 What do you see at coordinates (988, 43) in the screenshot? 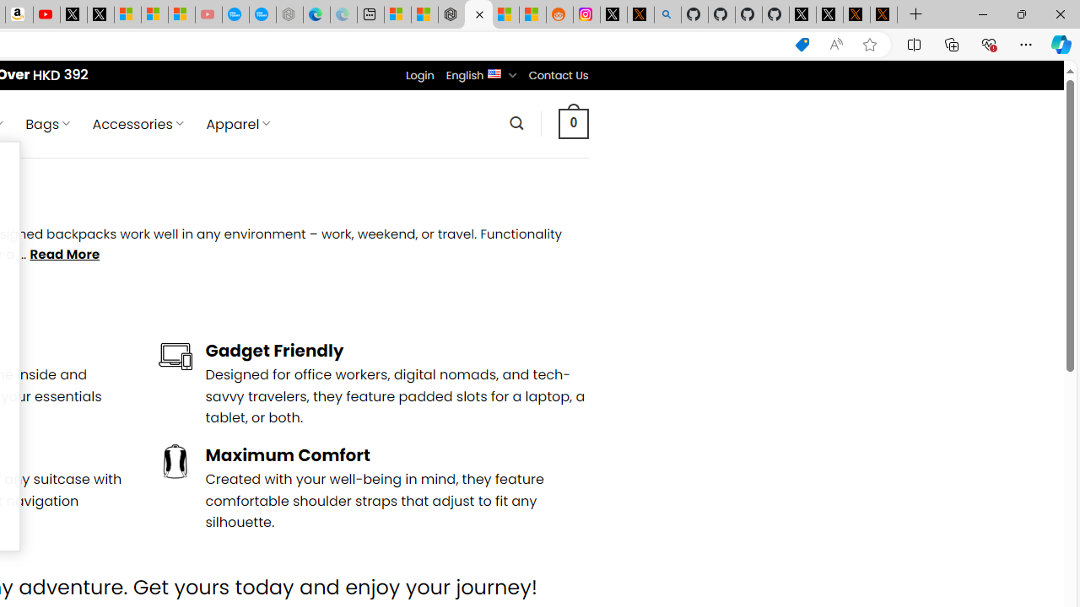
I see `'Browser essentials'` at bounding box center [988, 43].